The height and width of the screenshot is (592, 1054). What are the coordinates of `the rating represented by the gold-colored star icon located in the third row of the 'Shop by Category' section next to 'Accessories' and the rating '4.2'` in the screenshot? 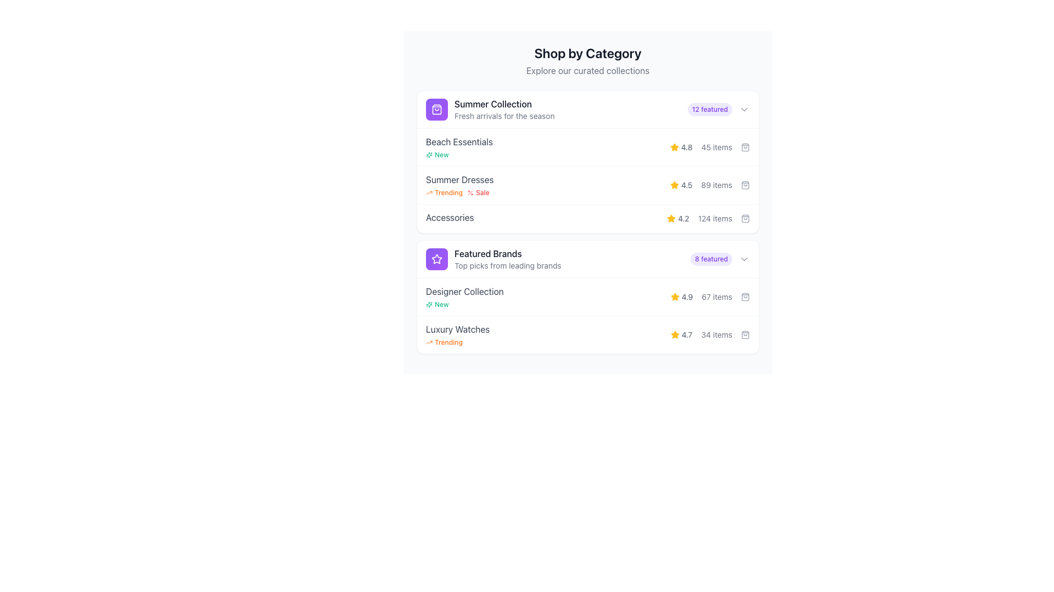 It's located at (671, 218).